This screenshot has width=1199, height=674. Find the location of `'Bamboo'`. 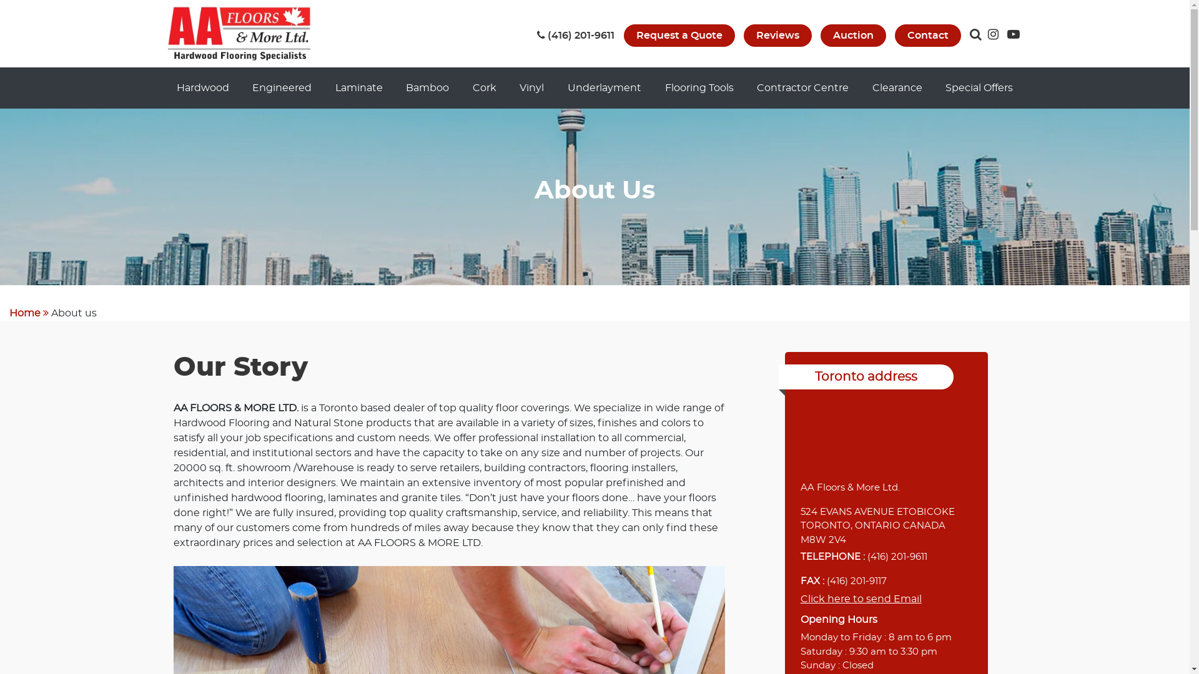

'Bamboo' is located at coordinates (427, 87).